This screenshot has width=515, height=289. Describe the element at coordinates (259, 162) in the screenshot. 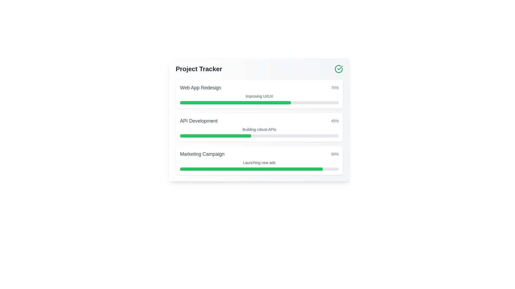

I see `the text label displaying 'Launching new ads.' which is styled in gray and positioned below the header 'Marketing Campaign.'` at that location.